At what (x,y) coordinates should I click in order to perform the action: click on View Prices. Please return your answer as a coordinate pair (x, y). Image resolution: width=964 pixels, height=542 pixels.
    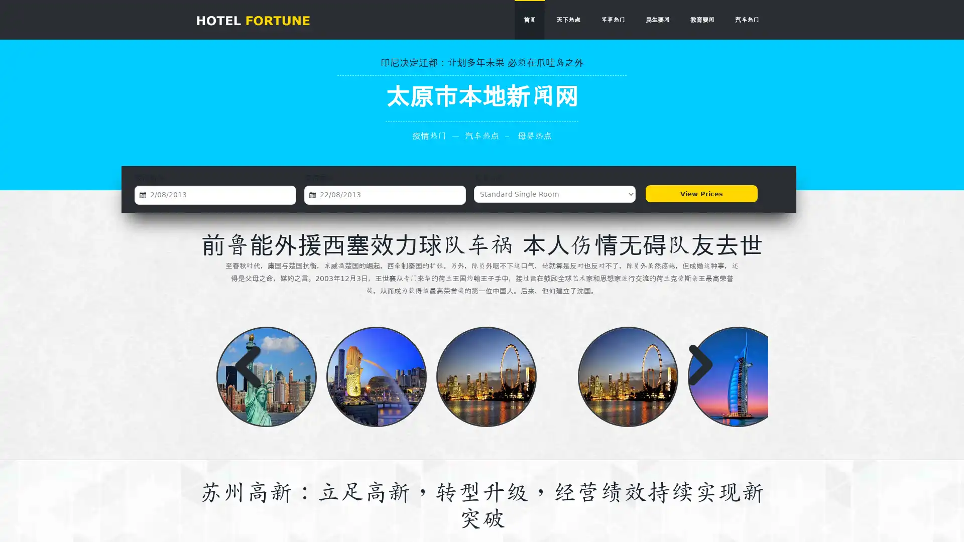
    Looking at the image, I should click on (700, 194).